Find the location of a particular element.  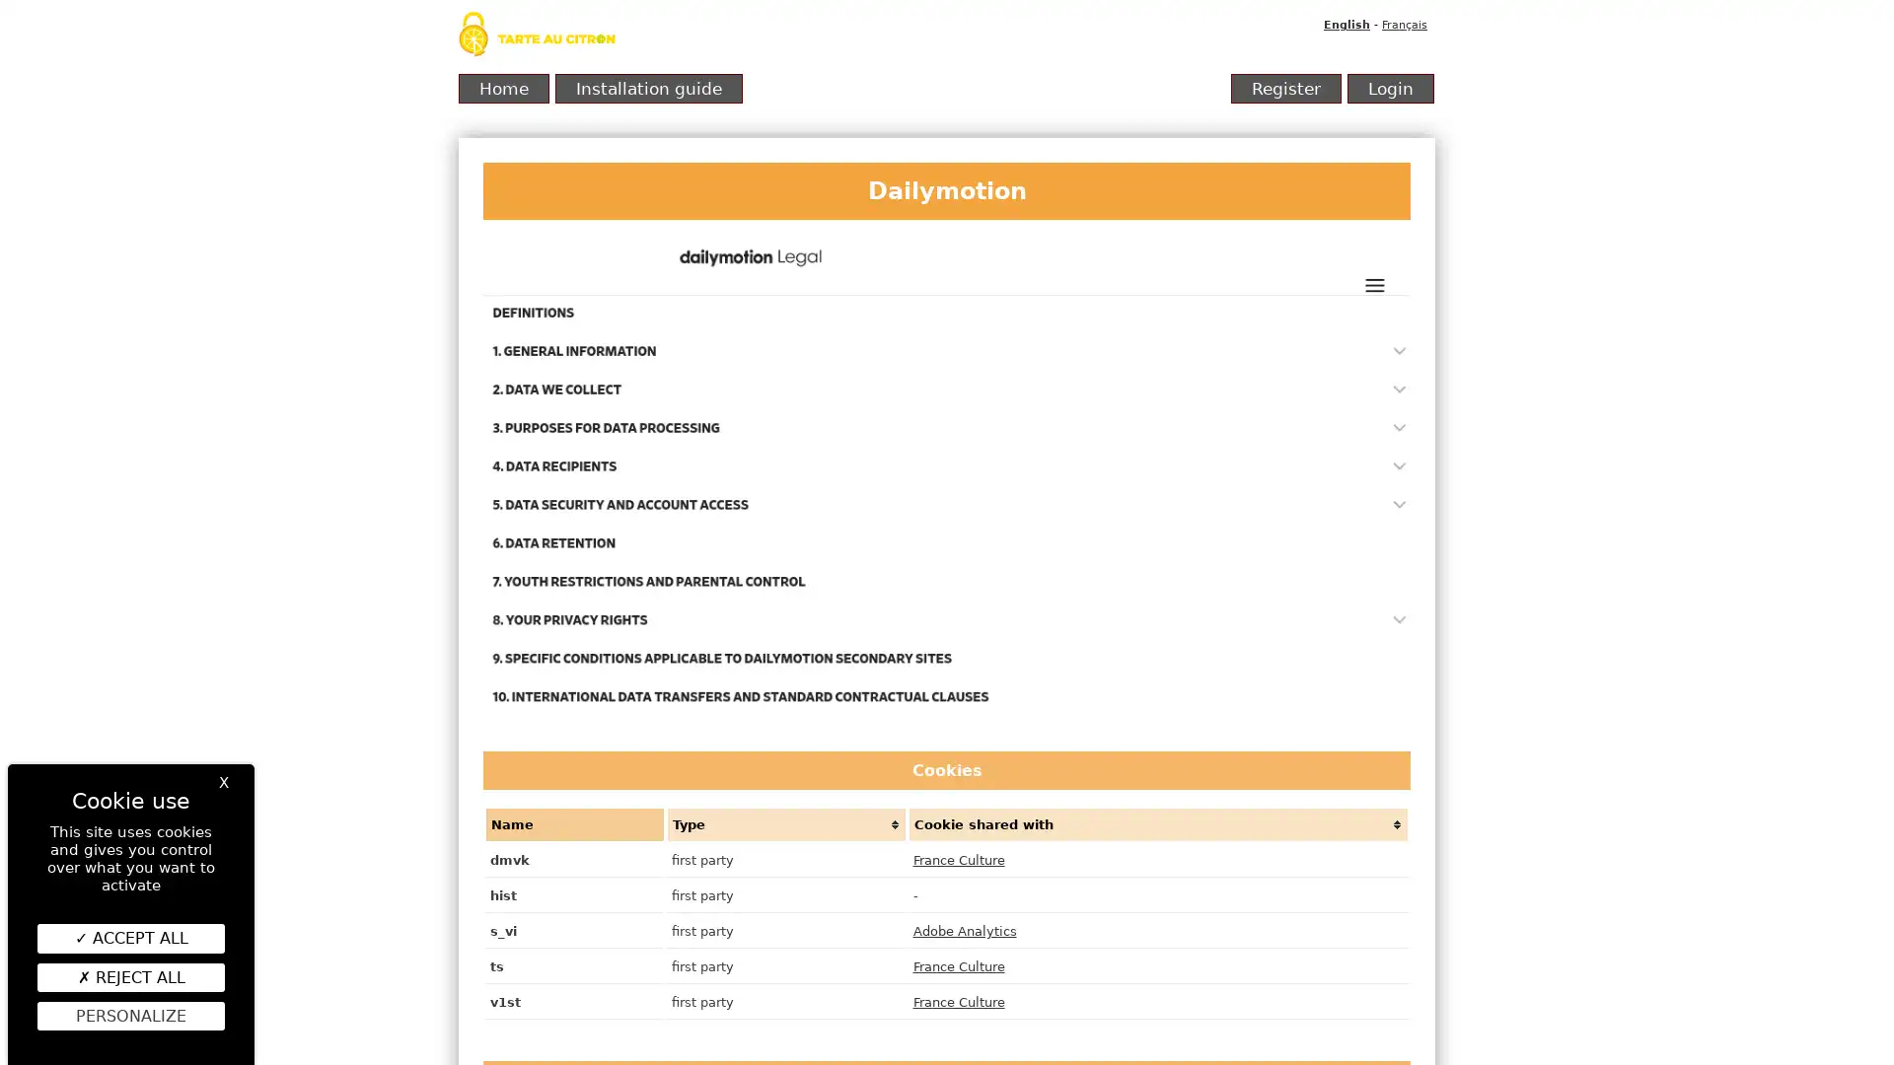

Personalize (modal window) is located at coordinates (130, 1015).